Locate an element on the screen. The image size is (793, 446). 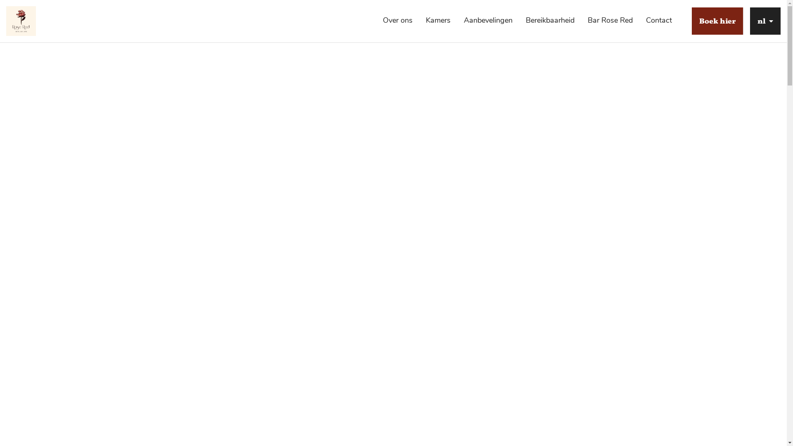
'Over ons' is located at coordinates (398, 20).